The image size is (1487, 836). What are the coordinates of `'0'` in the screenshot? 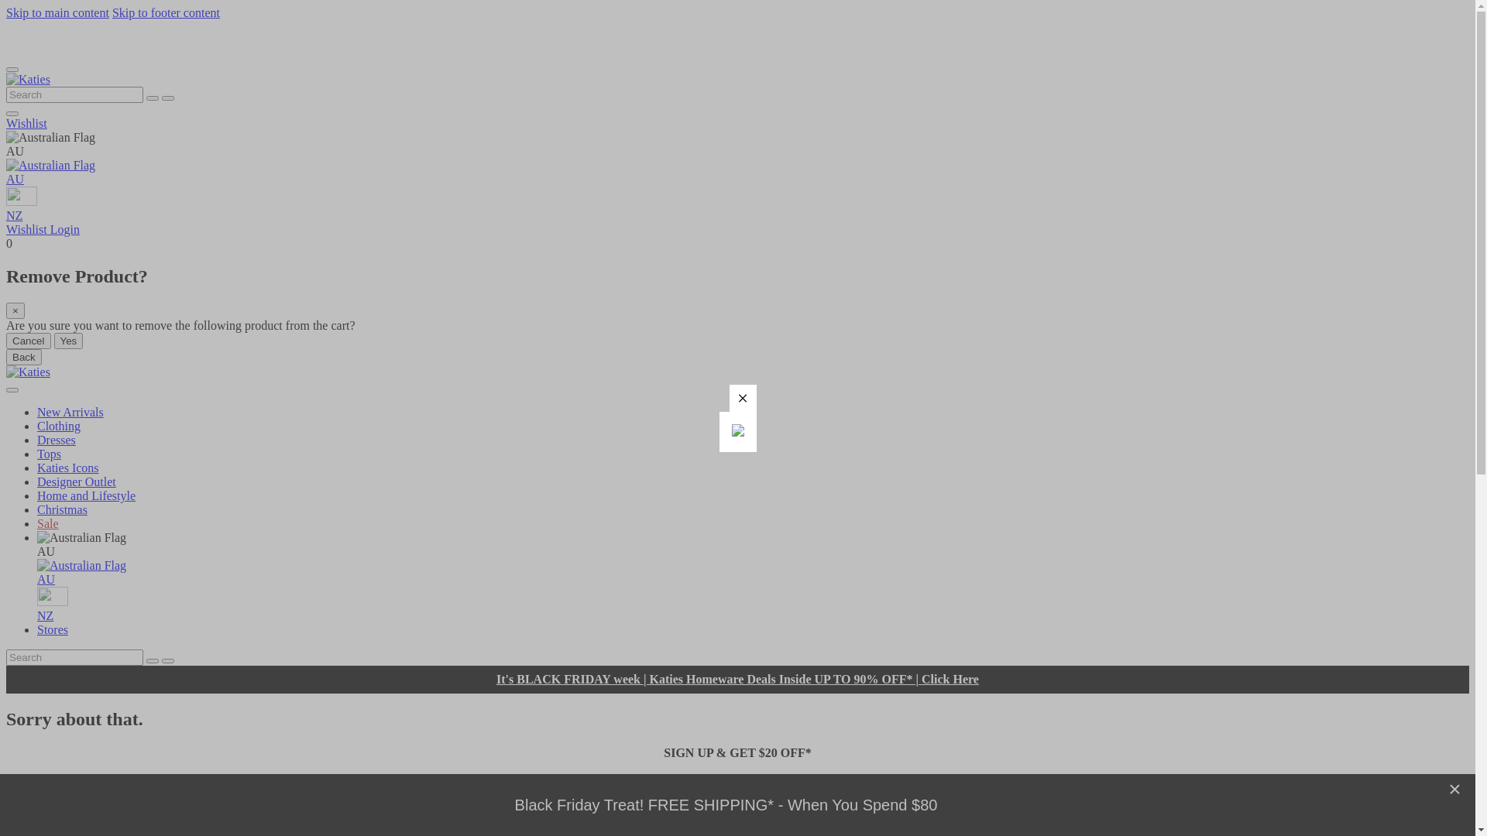 It's located at (9, 243).